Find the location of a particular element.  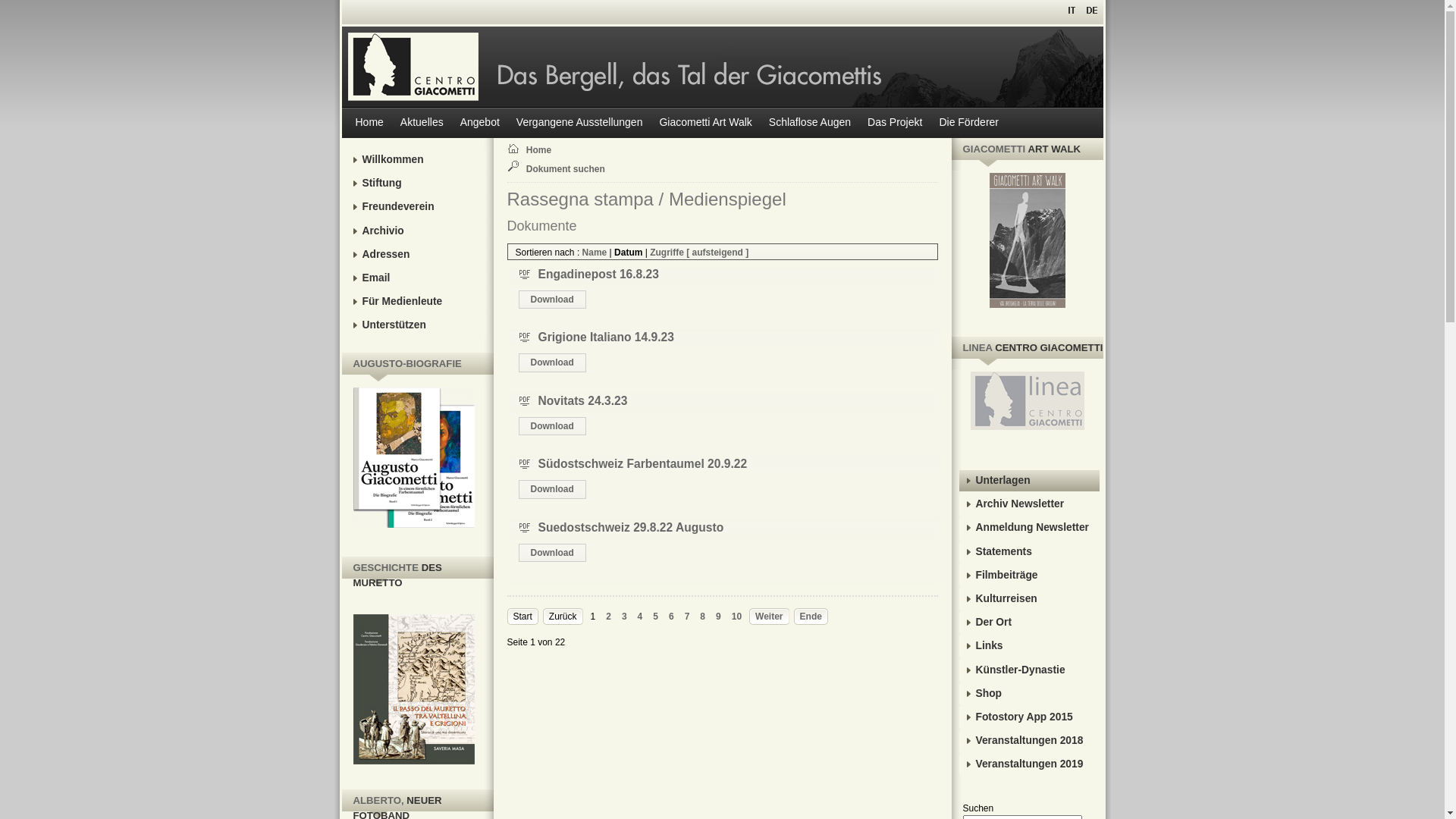

'Unterlagen' is located at coordinates (1028, 480).